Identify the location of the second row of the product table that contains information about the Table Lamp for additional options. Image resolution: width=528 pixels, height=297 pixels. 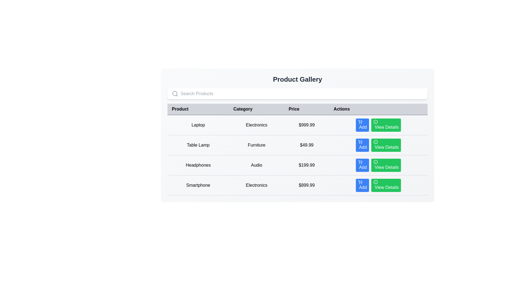
(297, 155).